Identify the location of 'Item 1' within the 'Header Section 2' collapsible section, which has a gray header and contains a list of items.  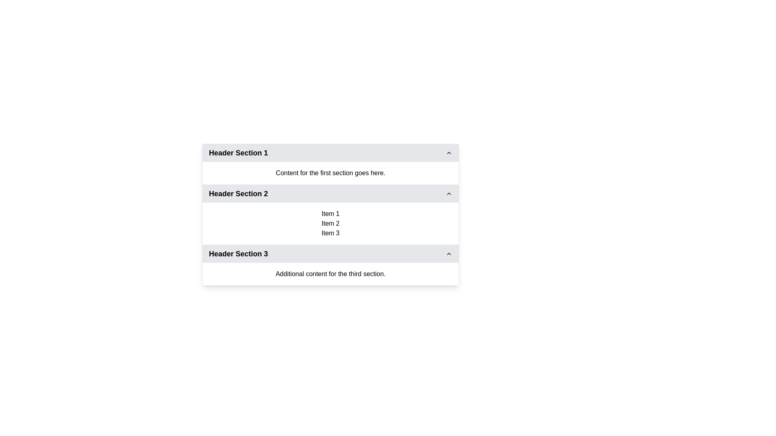
(330, 214).